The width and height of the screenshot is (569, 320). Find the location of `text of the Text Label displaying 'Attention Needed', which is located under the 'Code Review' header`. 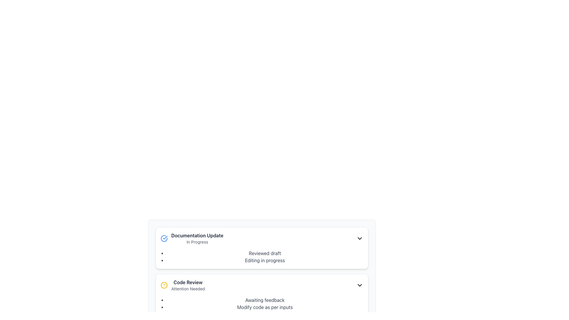

text of the Text Label displaying 'Attention Needed', which is located under the 'Code Review' header is located at coordinates (188, 289).